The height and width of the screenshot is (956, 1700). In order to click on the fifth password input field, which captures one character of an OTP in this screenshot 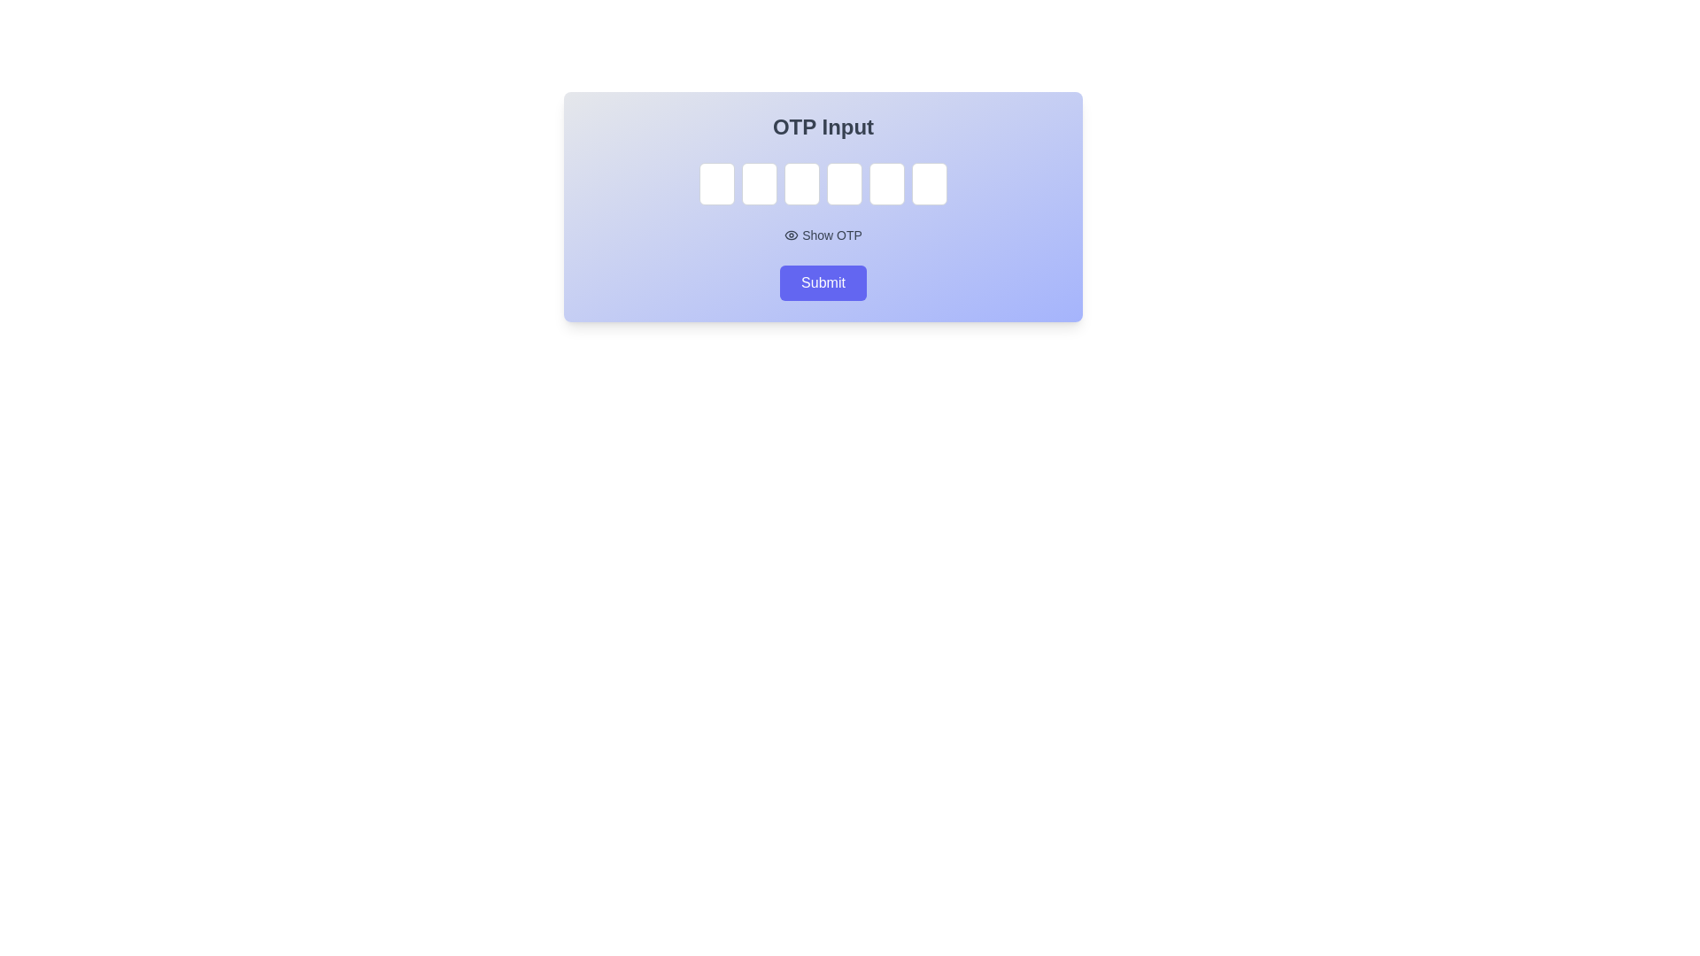, I will do `click(887, 184)`.